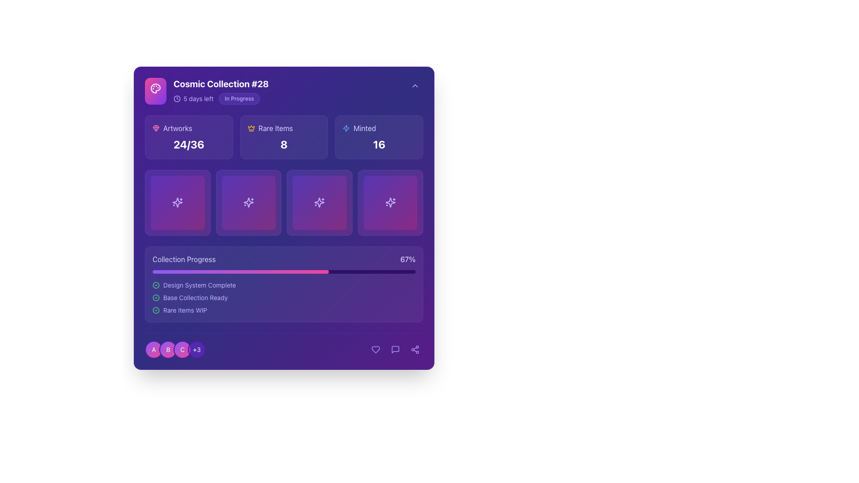 The width and height of the screenshot is (859, 483). Describe the element at coordinates (319, 203) in the screenshot. I see `the third card from the left in a row of five cards, which represents a selectable item` at that location.